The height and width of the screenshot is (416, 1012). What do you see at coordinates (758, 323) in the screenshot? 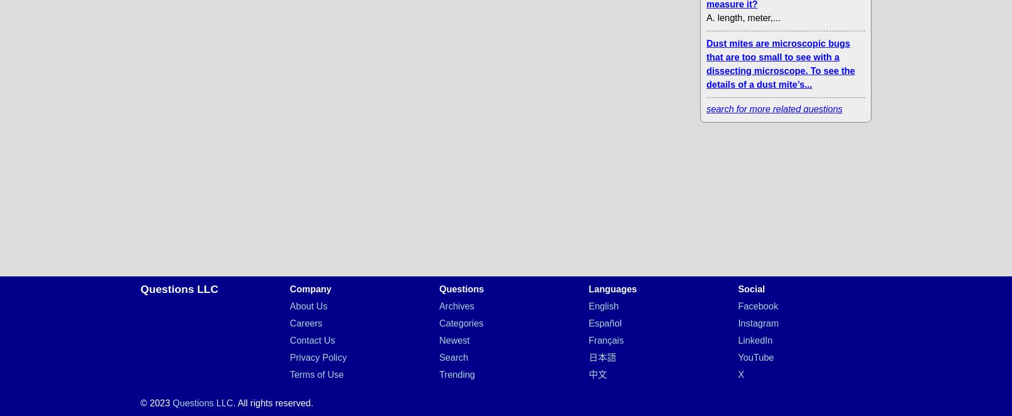
I see `'Instagram'` at bounding box center [758, 323].